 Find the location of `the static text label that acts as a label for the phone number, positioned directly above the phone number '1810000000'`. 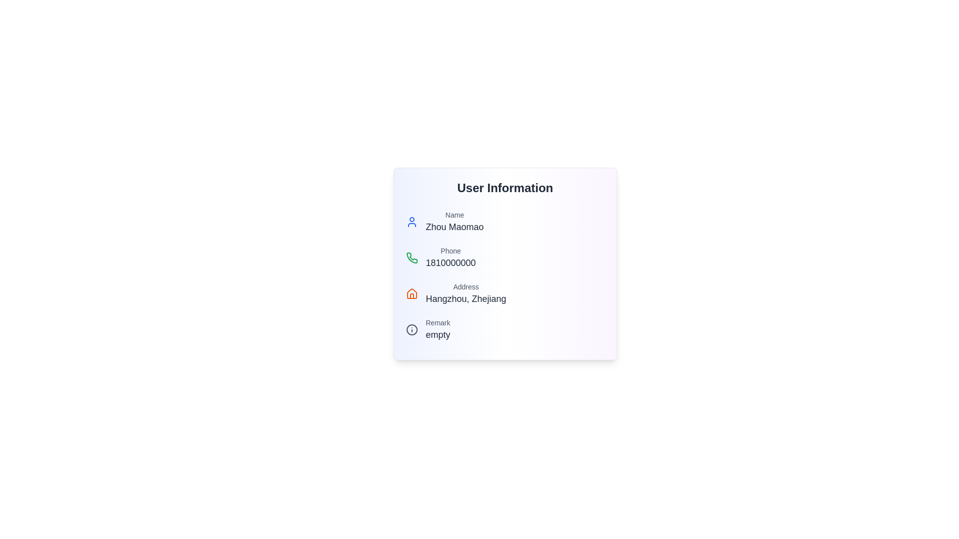

the static text label that acts as a label for the phone number, positioned directly above the phone number '1810000000' is located at coordinates (450, 250).